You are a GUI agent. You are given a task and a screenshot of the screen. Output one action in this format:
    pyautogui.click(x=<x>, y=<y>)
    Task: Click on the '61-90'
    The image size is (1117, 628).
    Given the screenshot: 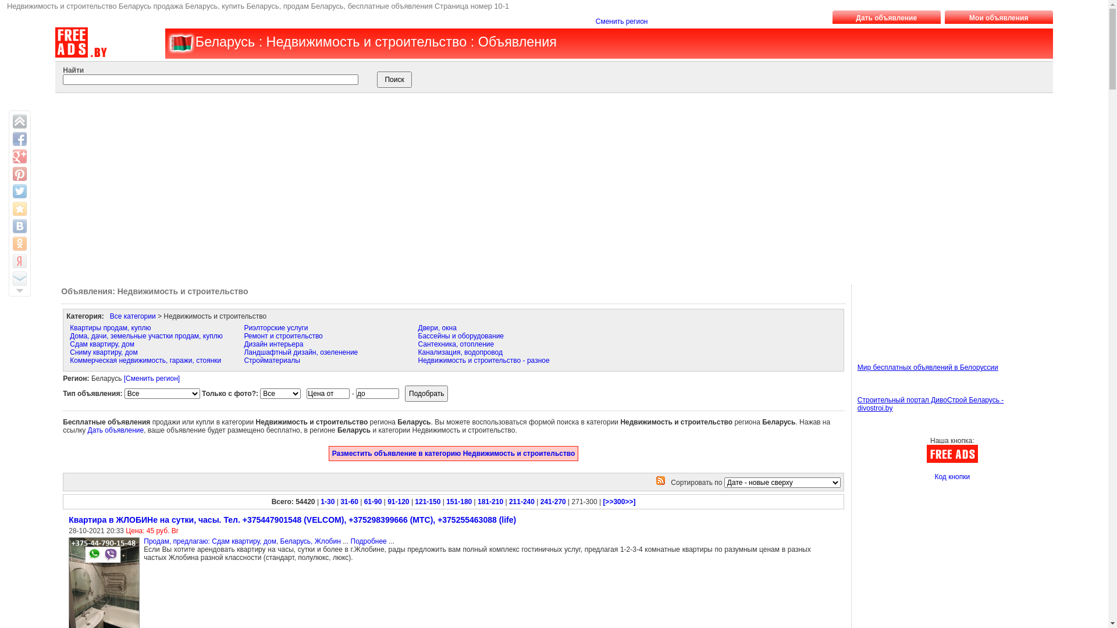 What is the action you would take?
    pyautogui.click(x=373, y=501)
    